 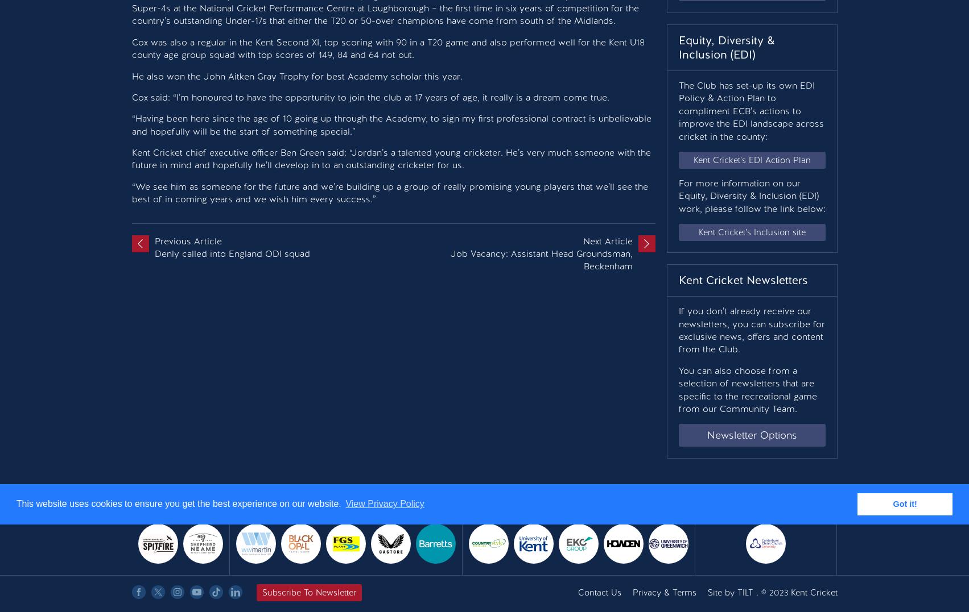 What do you see at coordinates (751, 159) in the screenshot?
I see `'Kent Cricket’s EDI Action Plan'` at bounding box center [751, 159].